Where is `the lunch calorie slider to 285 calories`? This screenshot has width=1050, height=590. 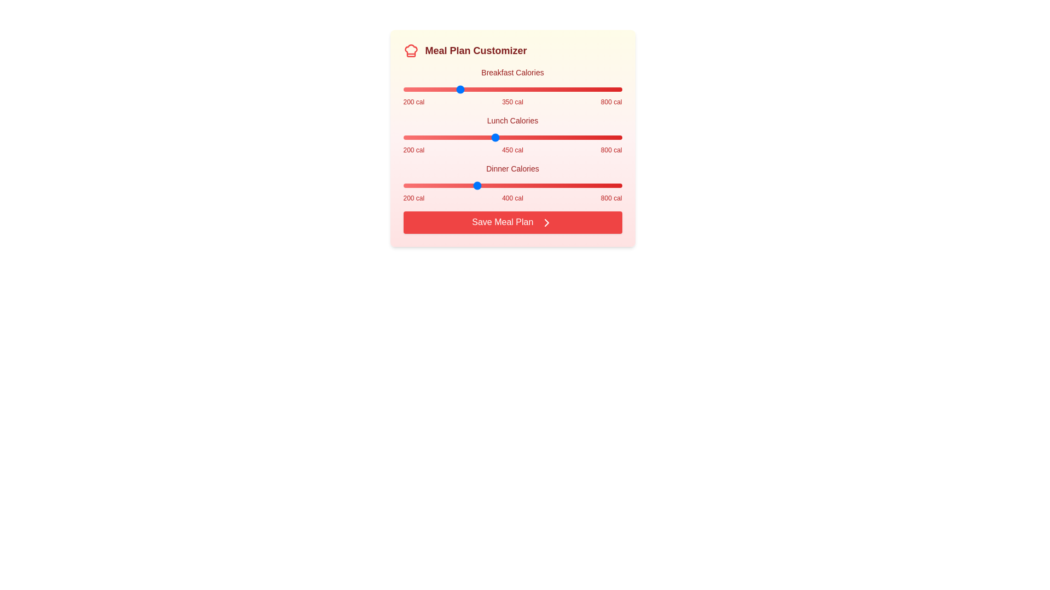 the lunch calorie slider to 285 calories is located at coordinates (434, 137).